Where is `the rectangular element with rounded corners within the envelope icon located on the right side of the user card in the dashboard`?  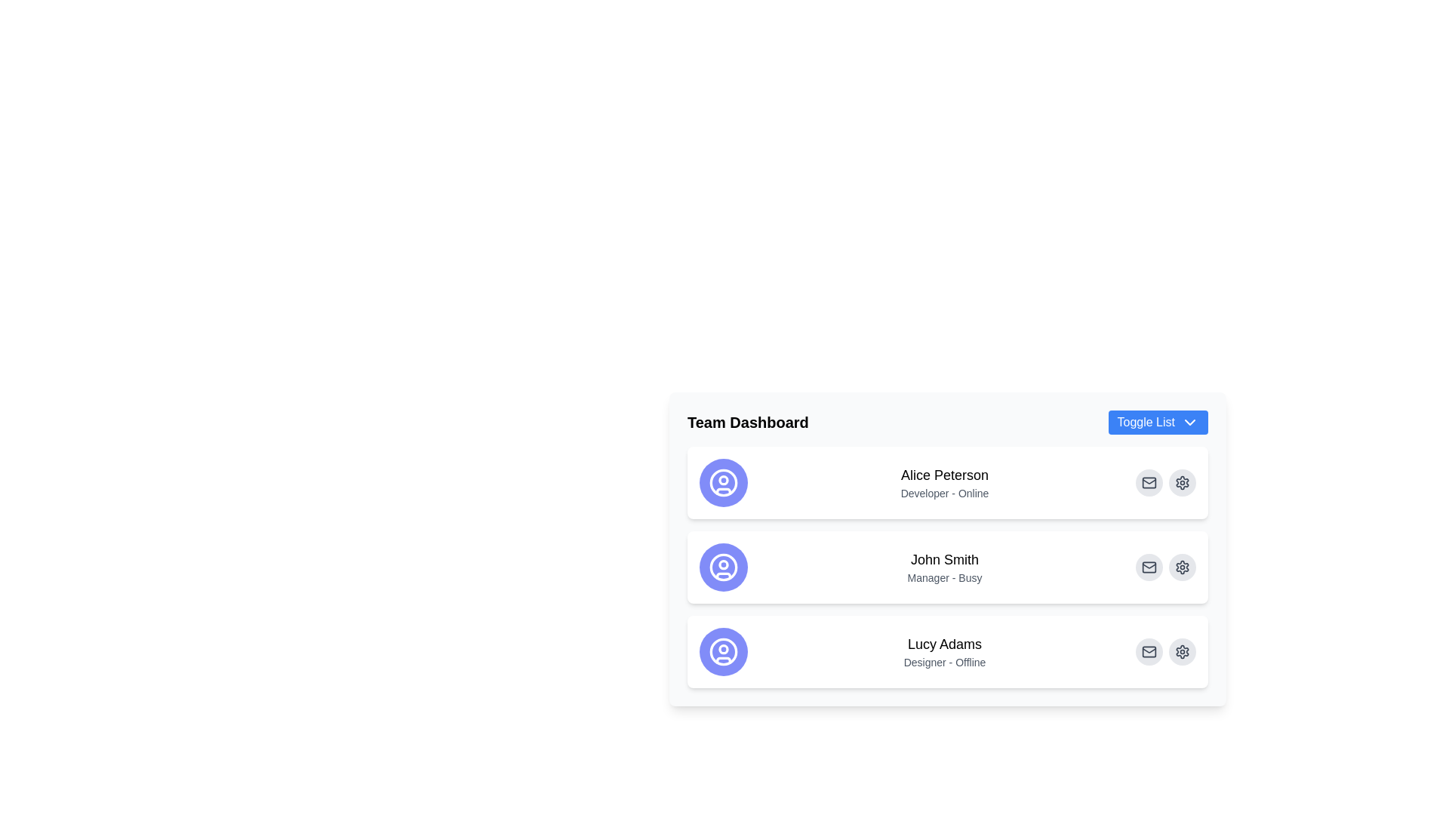 the rectangular element with rounded corners within the envelope icon located on the right side of the user card in the dashboard is located at coordinates (1148, 483).